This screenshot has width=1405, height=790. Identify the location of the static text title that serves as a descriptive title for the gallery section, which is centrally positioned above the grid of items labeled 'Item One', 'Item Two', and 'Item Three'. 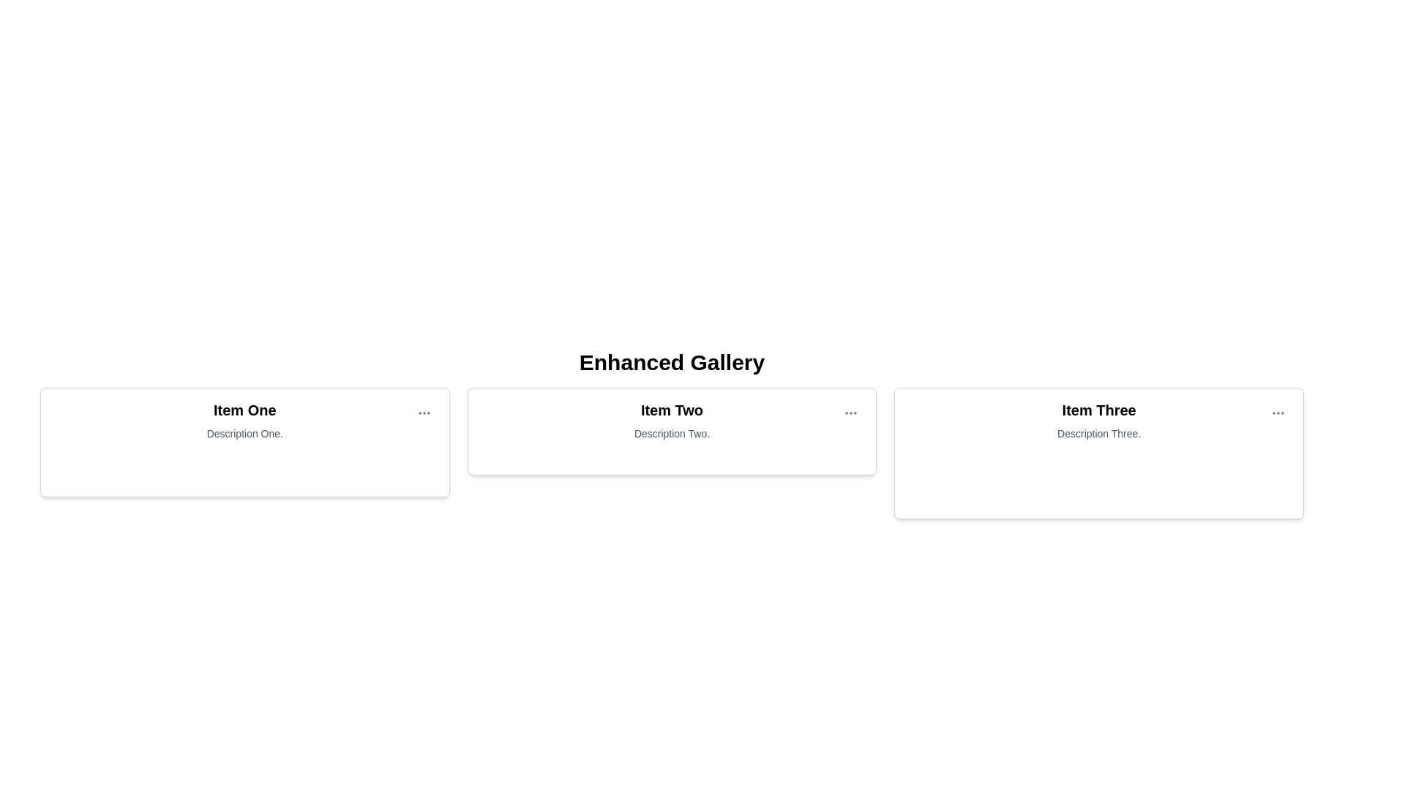
(671, 362).